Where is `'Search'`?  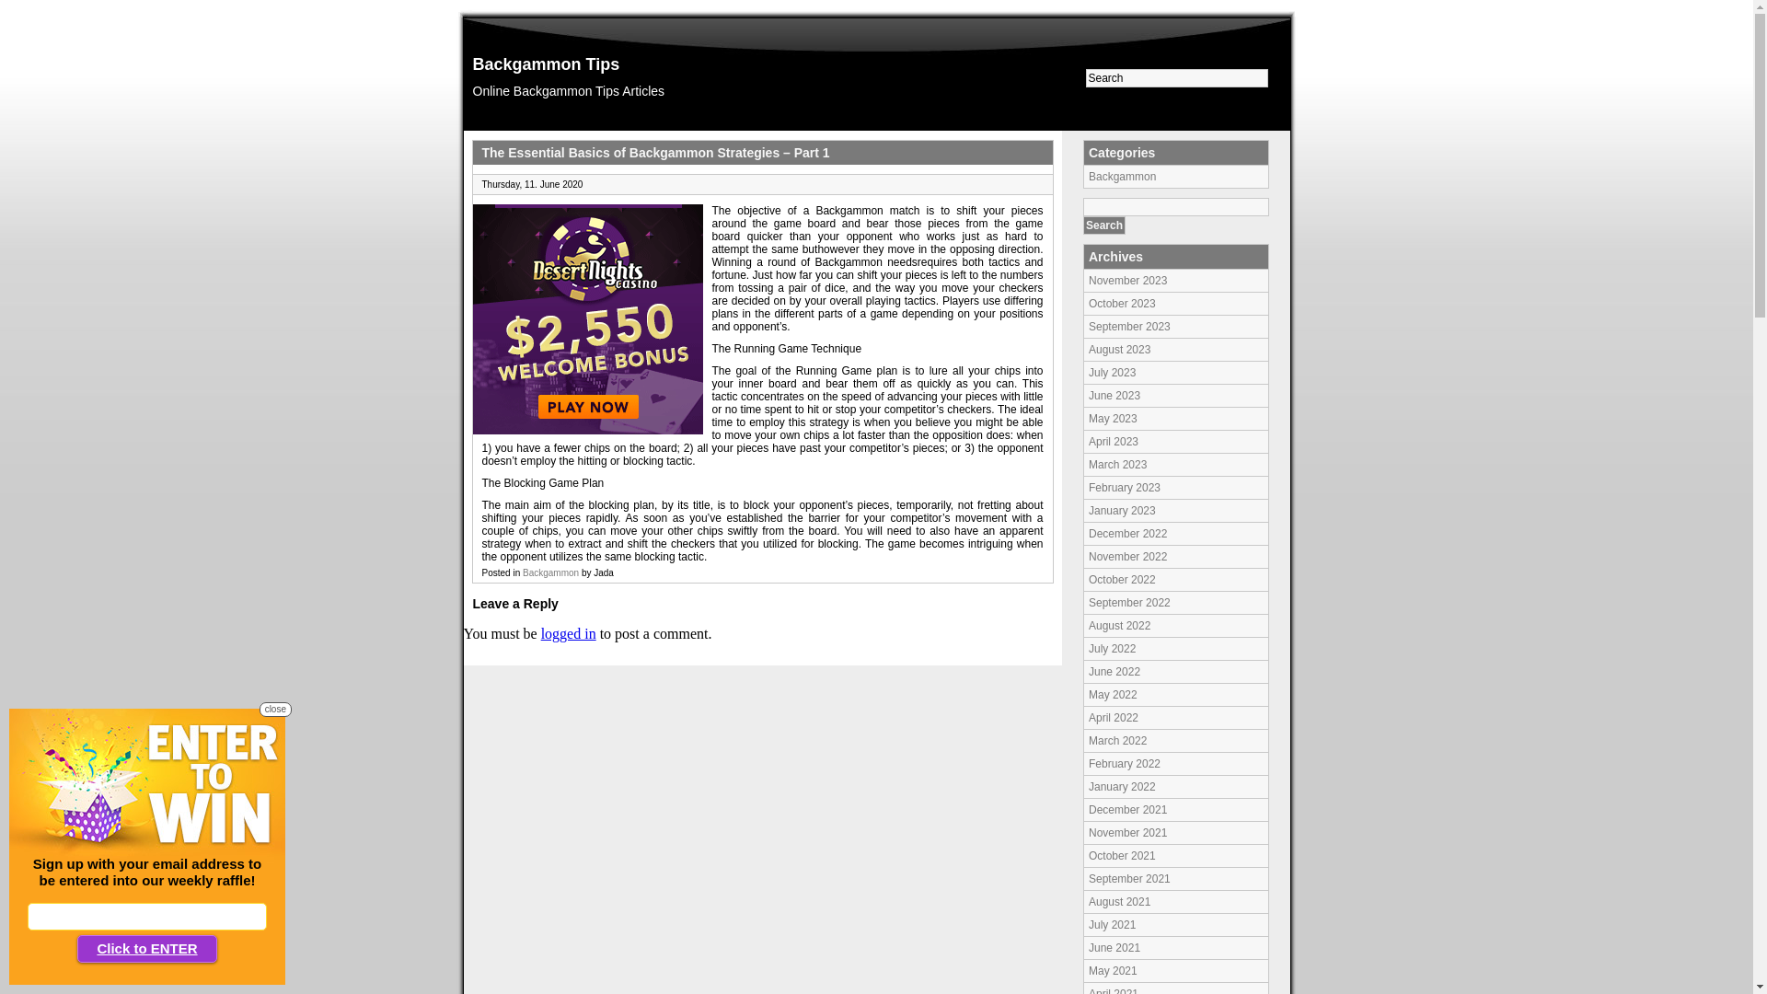 'Search' is located at coordinates (1104, 225).